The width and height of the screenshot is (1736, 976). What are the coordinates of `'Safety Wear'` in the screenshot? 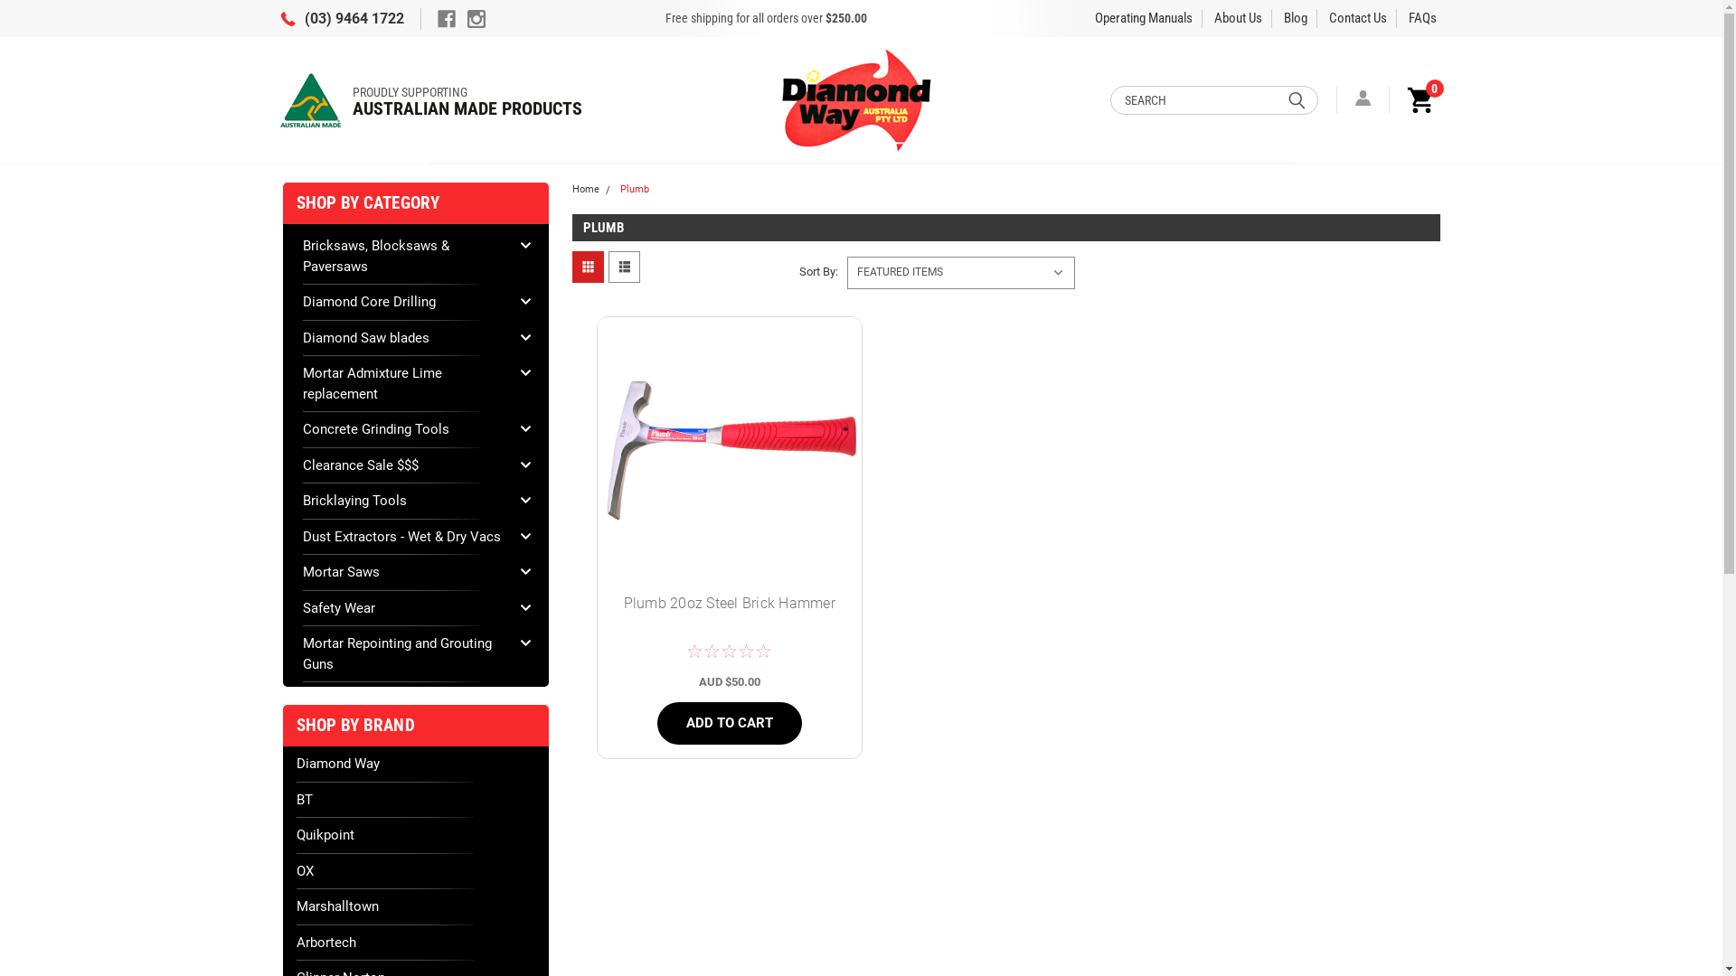 It's located at (403, 608).